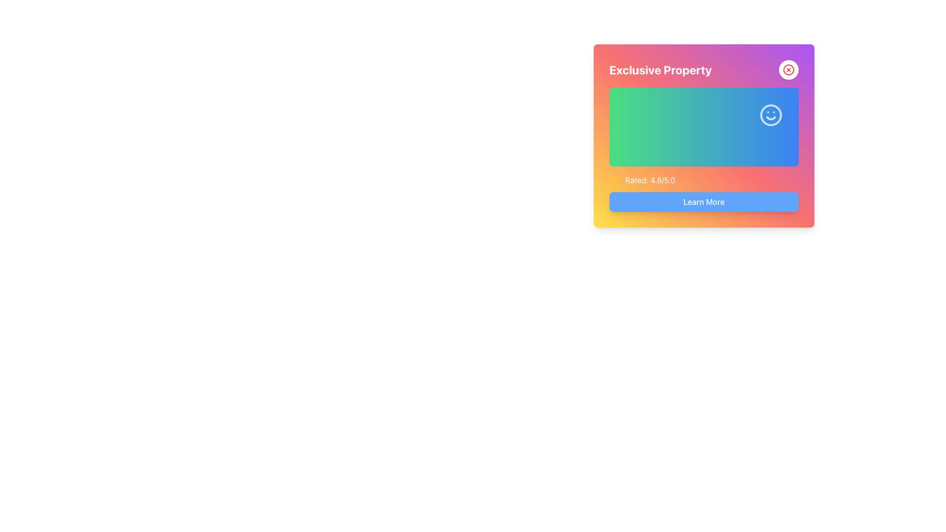 Image resolution: width=946 pixels, height=532 pixels. I want to click on the star icon located in the lower-left corner of the section labeled 'Rated: 4.8/5.0', so click(614, 180).